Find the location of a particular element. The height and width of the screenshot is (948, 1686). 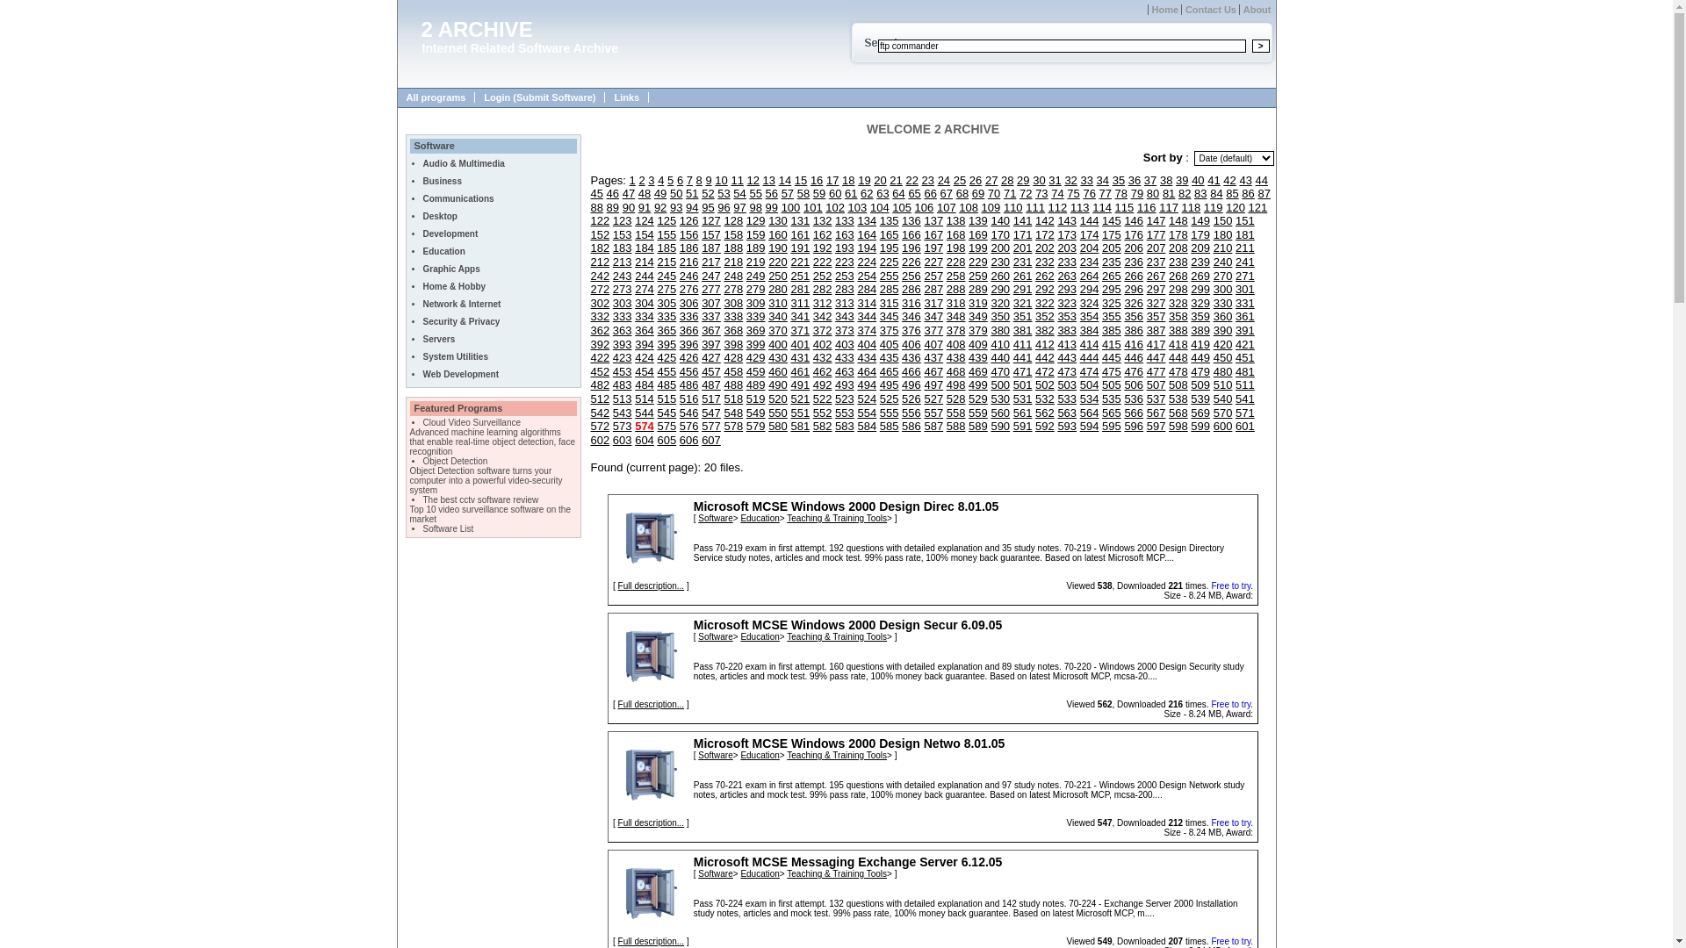

'557' is located at coordinates (922, 413).